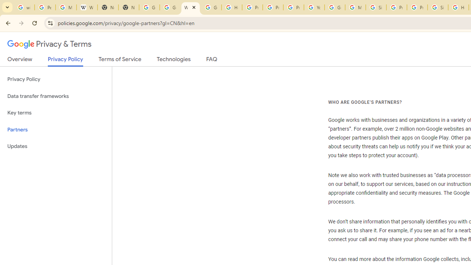 This screenshot has width=471, height=265. Describe the element at coordinates (170, 7) in the screenshot. I see `'Google Drive: Sign-in'` at that location.